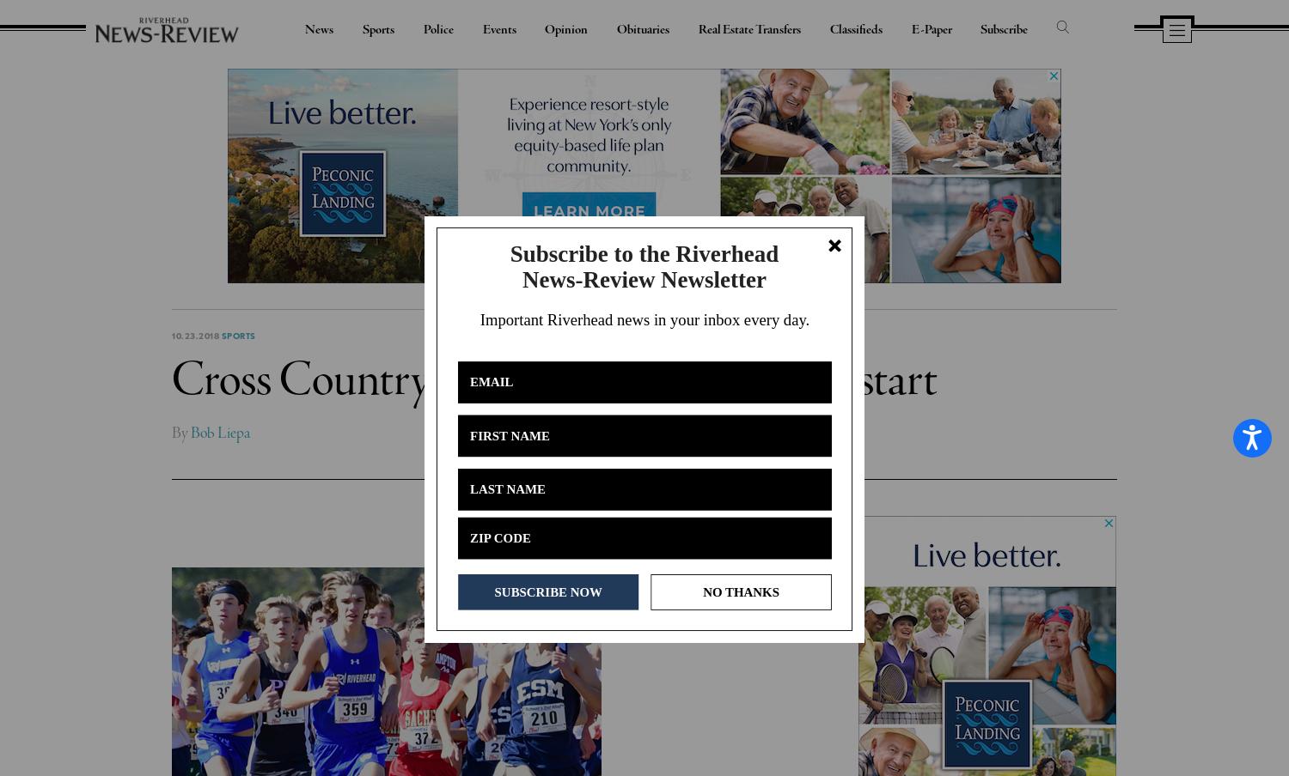  I want to click on 'News', so click(318, 27).